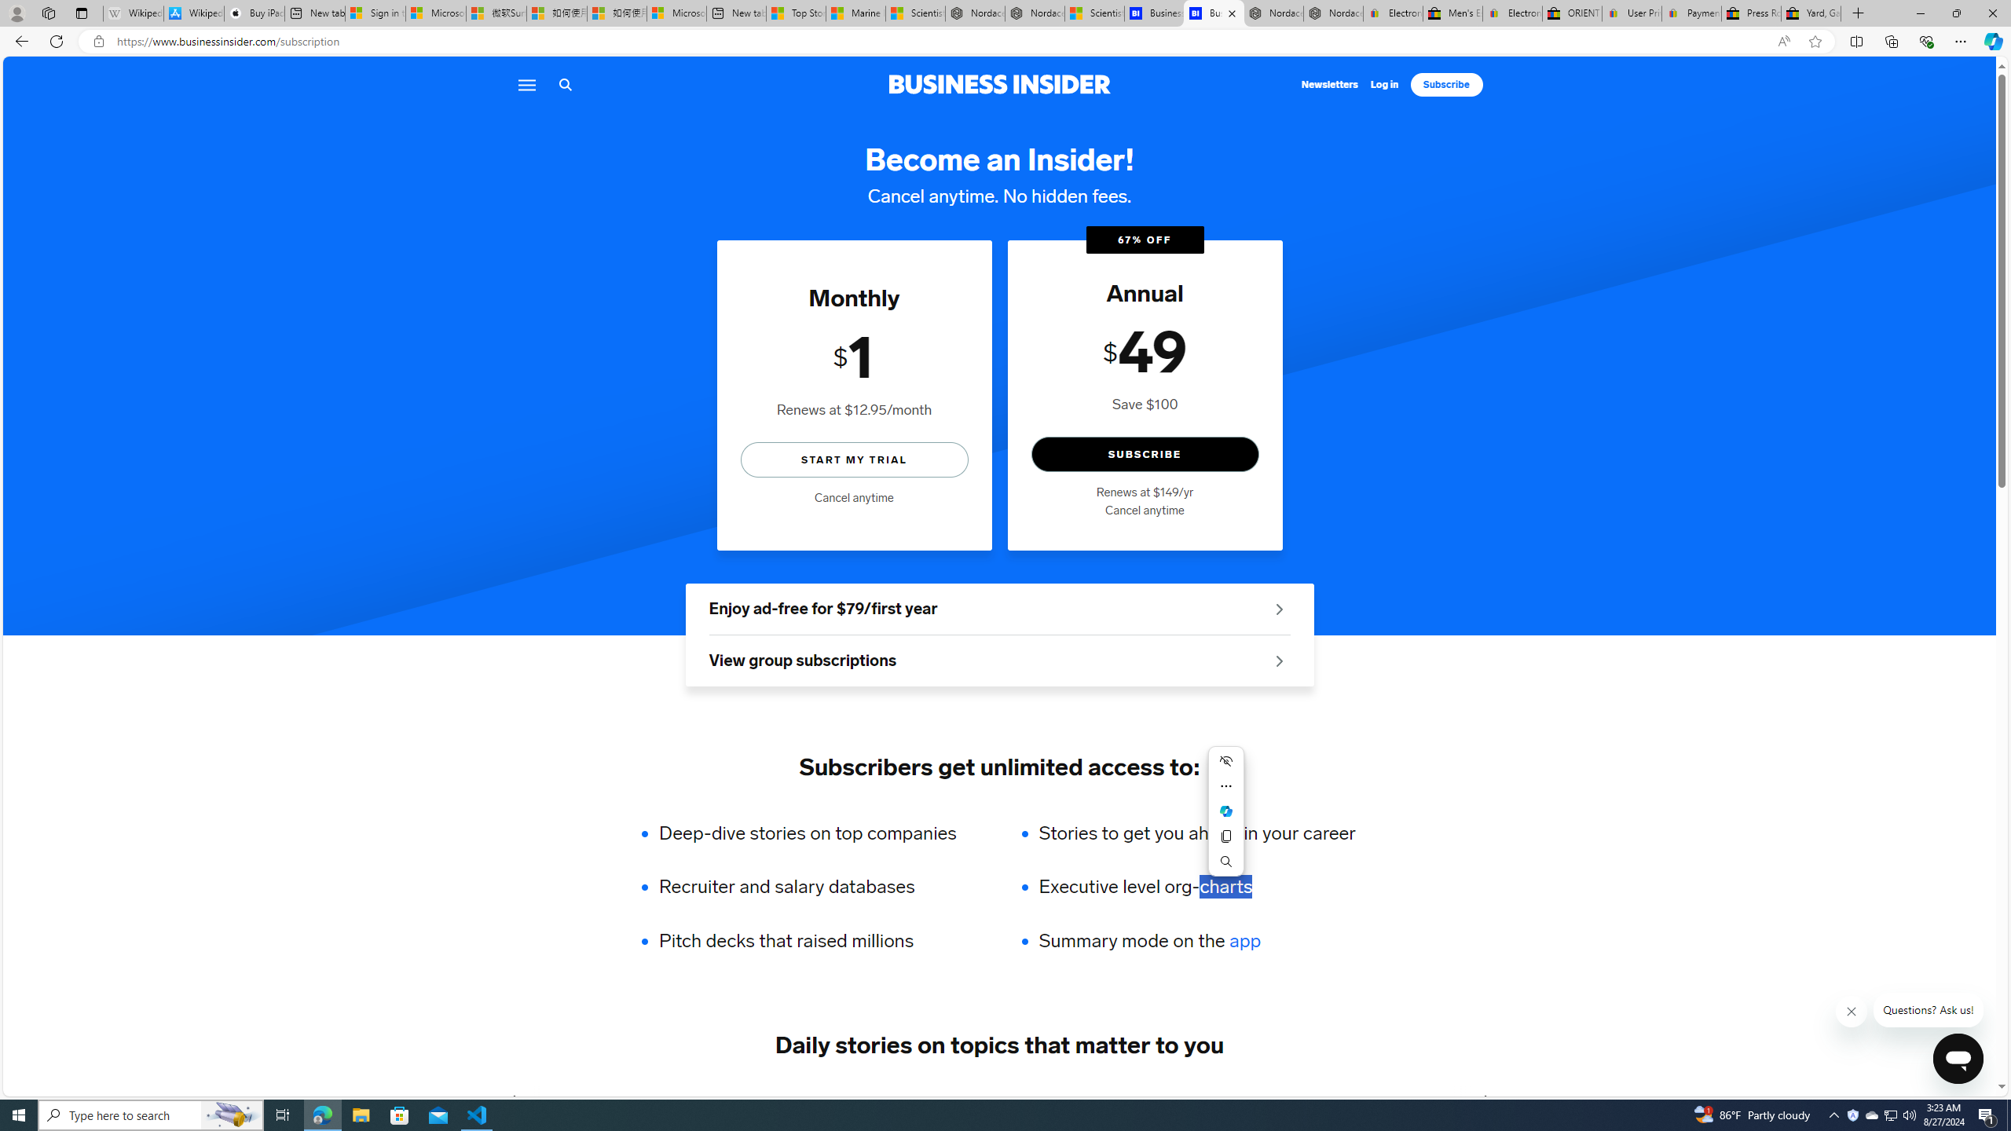 Image resolution: width=2011 pixels, height=1131 pixels. Describe the element at coordinates (855, 13) in the screenshot. I see `'Marine life - MSN'` at that location.